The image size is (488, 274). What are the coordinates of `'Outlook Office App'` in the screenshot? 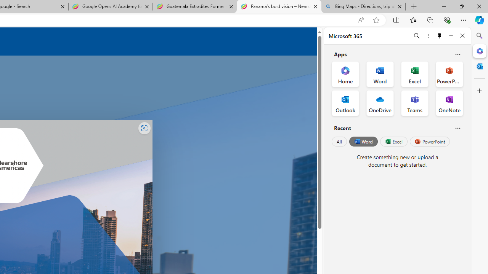 It's located at (345, 103).